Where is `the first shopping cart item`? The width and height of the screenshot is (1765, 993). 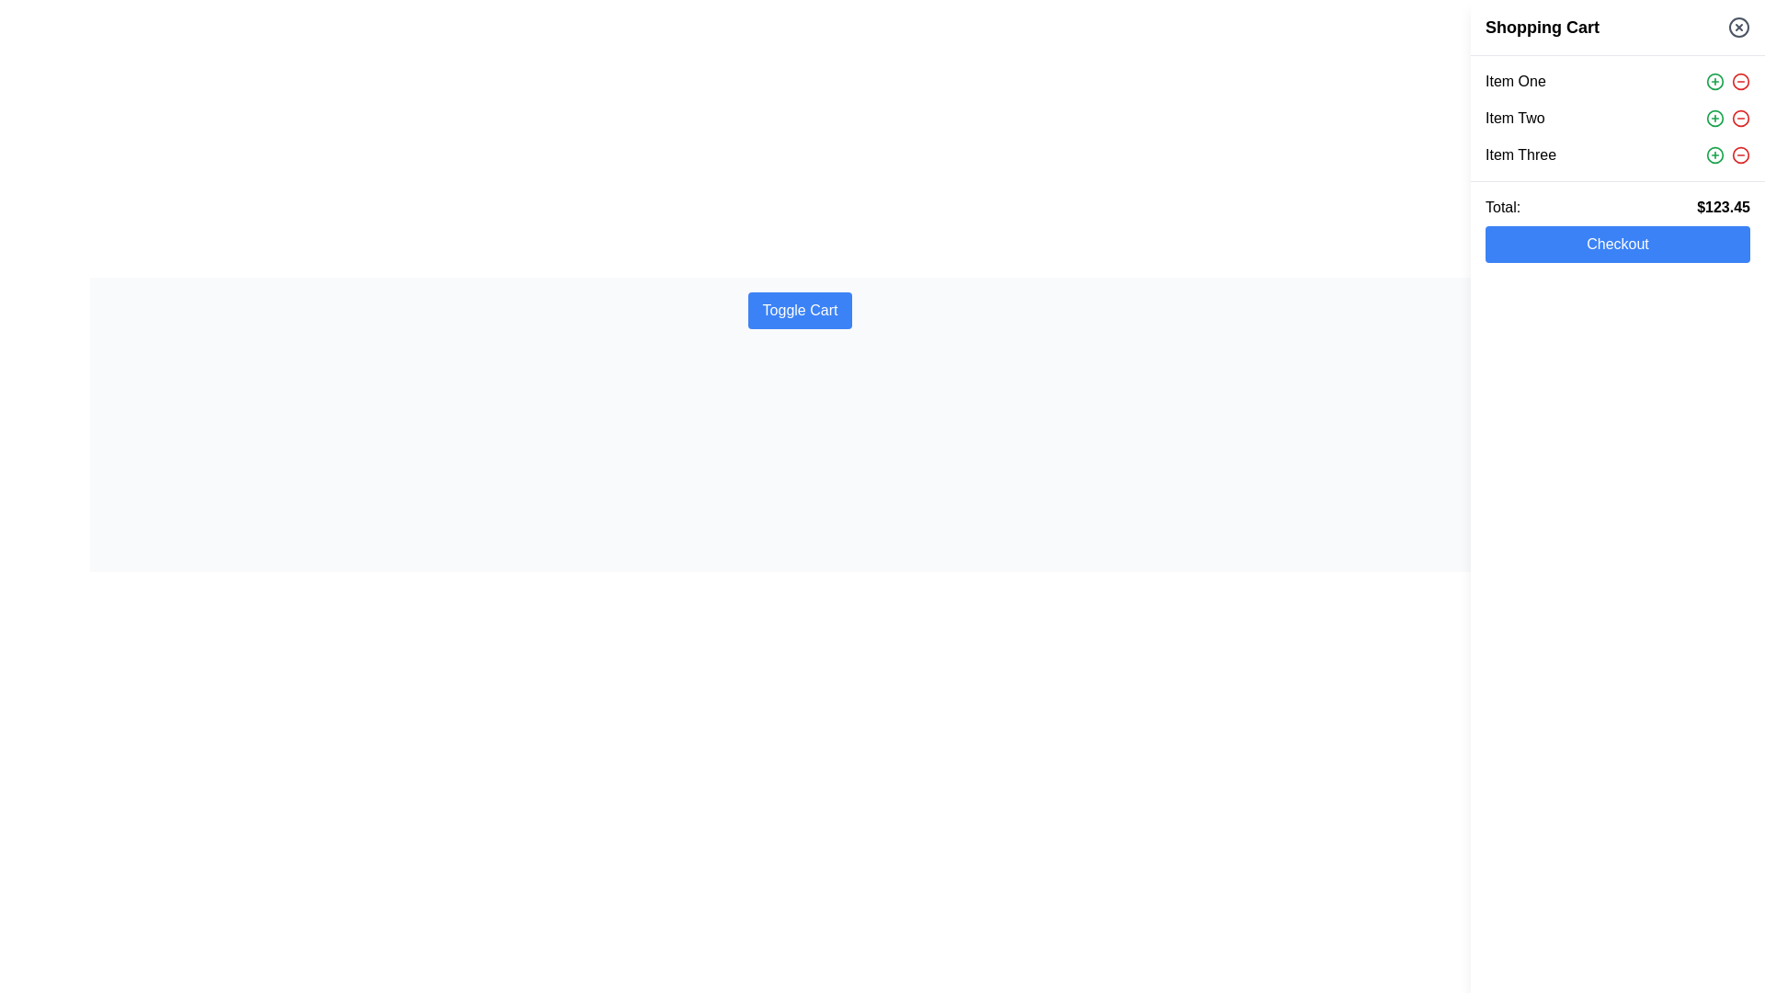 the first shopping cart item is located at coordinates (1618, 80).